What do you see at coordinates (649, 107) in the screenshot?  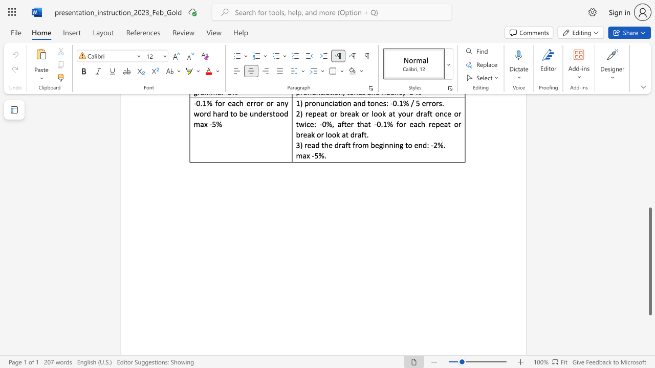 I see `the scrollbar on the right to move the page upward` at bounding box center [649, 107].